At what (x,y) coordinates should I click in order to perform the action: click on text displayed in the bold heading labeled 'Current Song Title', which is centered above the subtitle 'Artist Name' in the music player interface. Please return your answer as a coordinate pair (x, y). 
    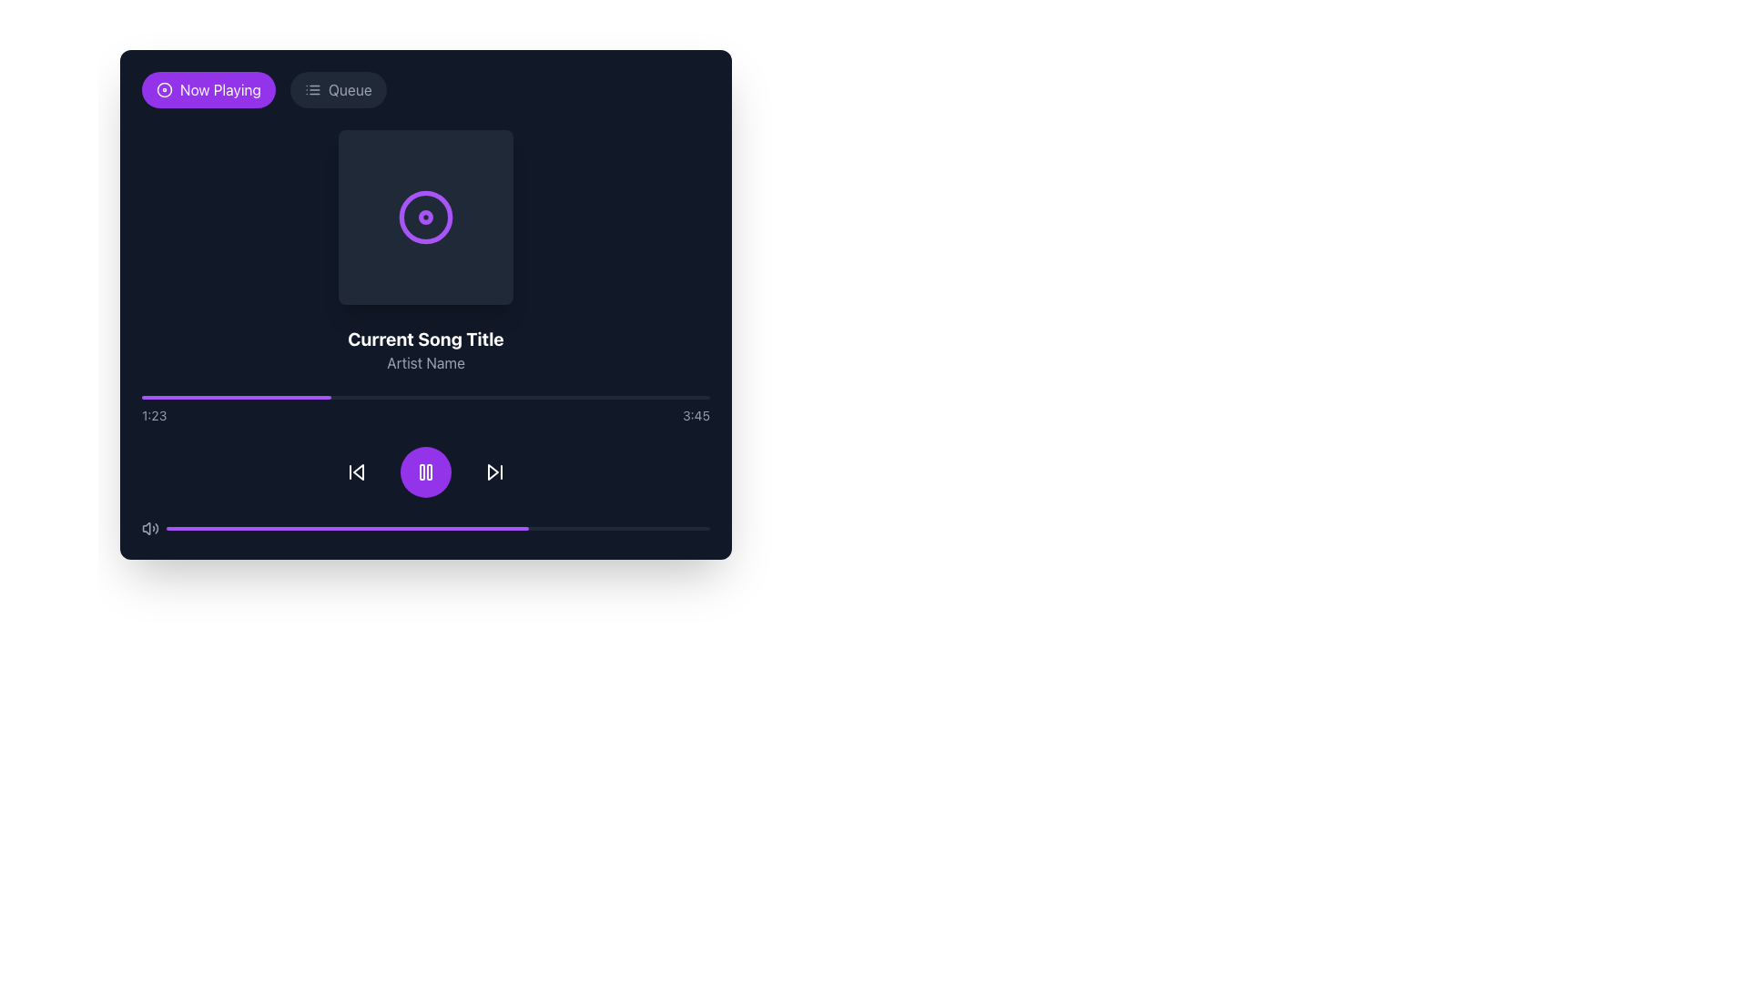
    Looking at the image, I should click on (424, 339).